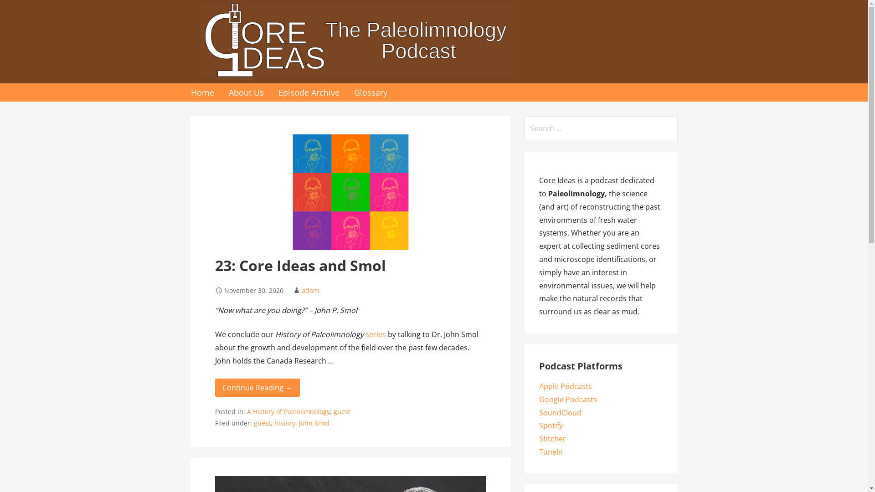  I want to click on 'history', so click(284, 423).